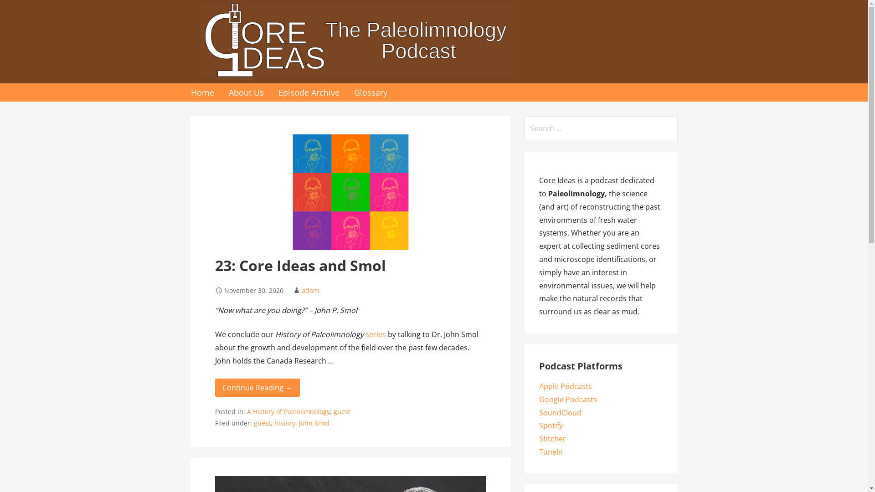  I want to click on 'history', so click(284, 423).